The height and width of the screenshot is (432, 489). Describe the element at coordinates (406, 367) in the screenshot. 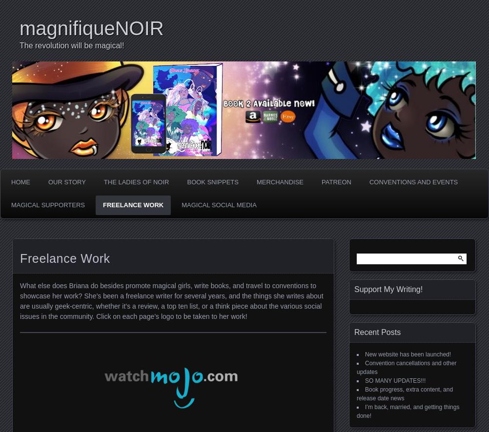

I see `'Convention cancellations and other updates'` at that location.